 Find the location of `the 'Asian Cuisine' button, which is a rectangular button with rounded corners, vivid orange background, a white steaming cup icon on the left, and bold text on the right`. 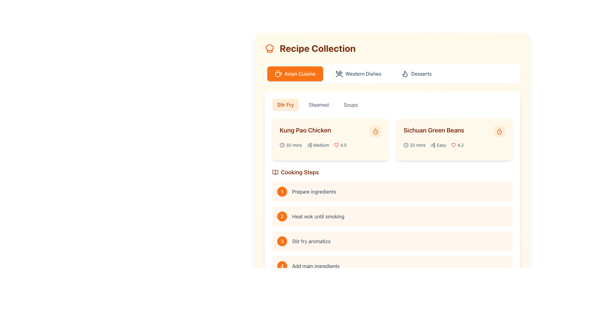

the 'Asian Cuisine' button, which is a rectangular button with rounded corners, vivid orange background, a white steaming cup icon on the left, and bold text on the right is located at coordinates (295, 74).